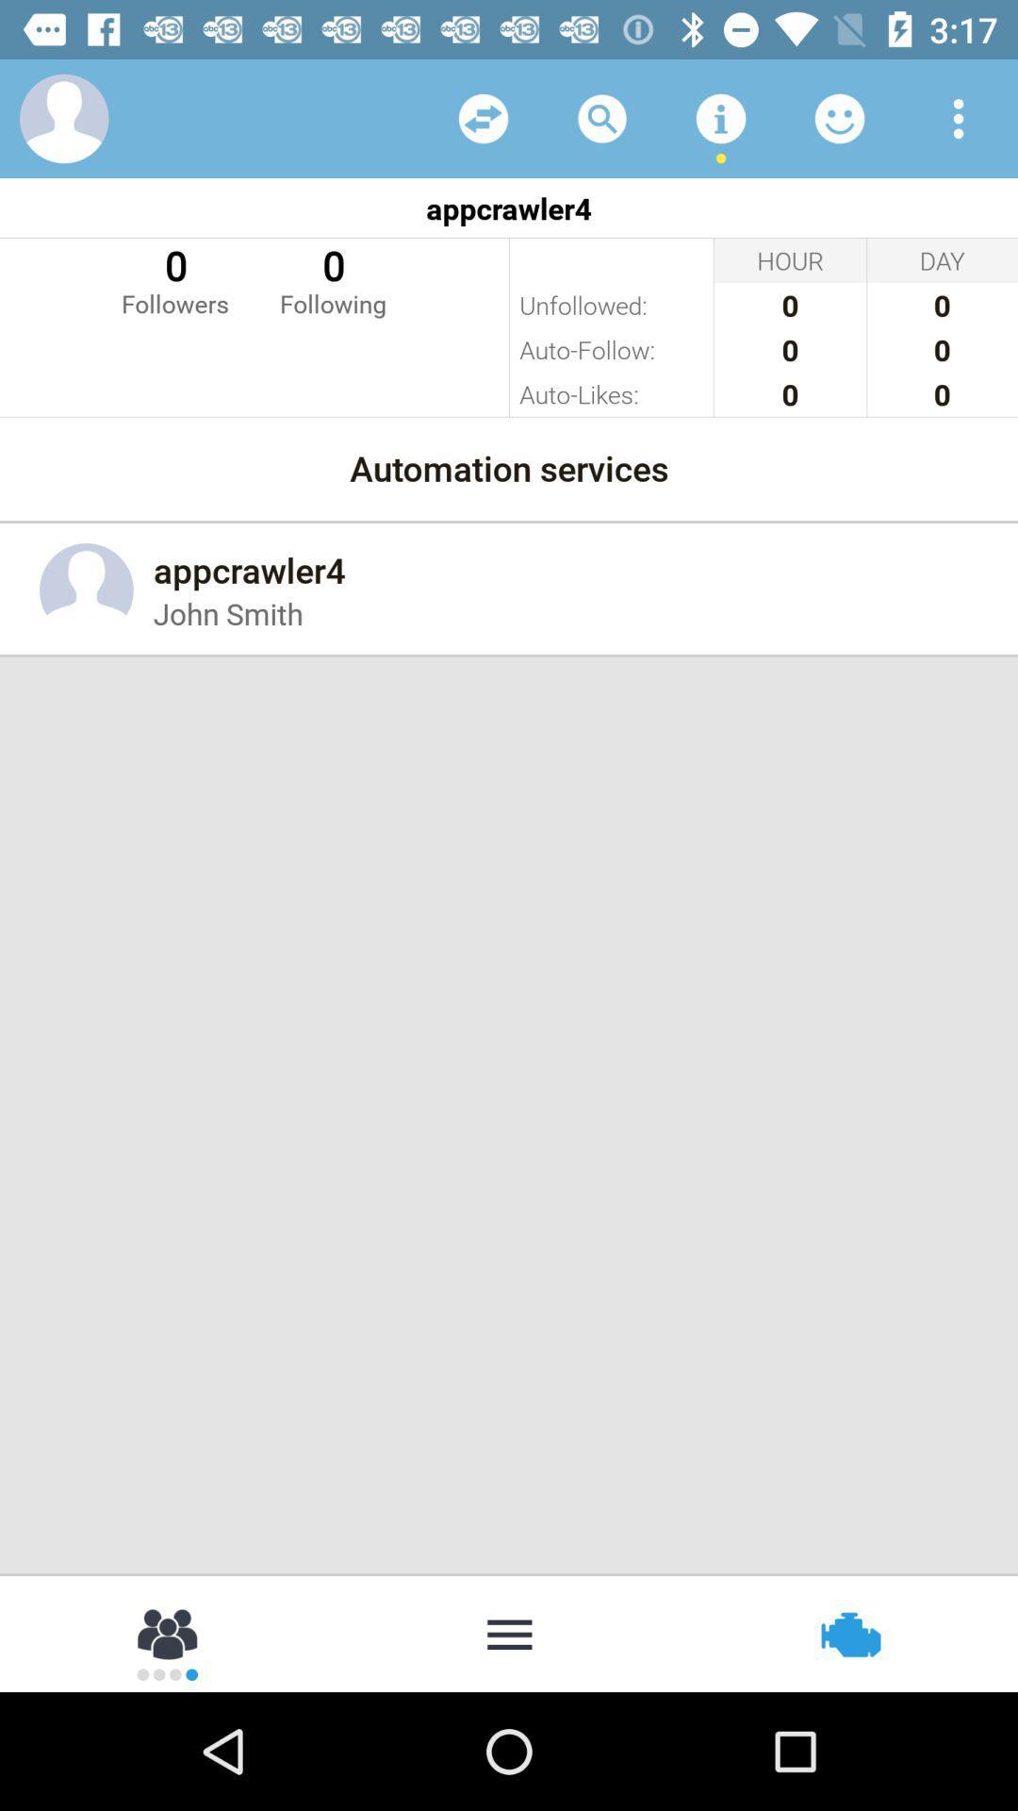 The width and height of the screenshot is (1018, 1811). What do you see at coordinates (839, 117) in the screenshot?
I see `item above the appcrawler4 icon` at bounding box center [839, 117].